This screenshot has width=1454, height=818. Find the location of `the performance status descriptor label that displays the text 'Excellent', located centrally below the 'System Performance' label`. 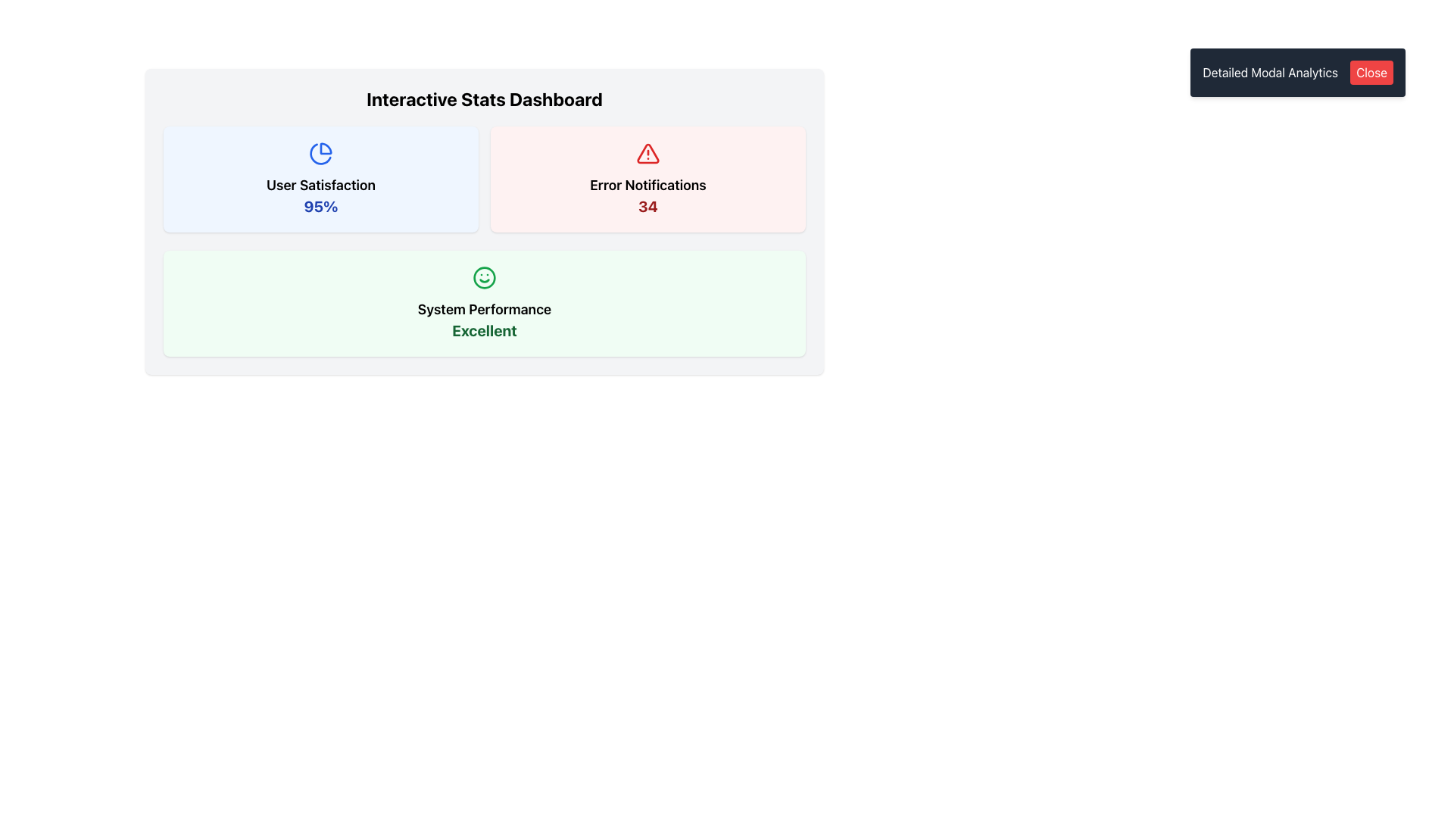

the performance status descriptor label that displays the text 'Excellent', located centrally below the 'System Performance' label is located at coordinates (483, 329).